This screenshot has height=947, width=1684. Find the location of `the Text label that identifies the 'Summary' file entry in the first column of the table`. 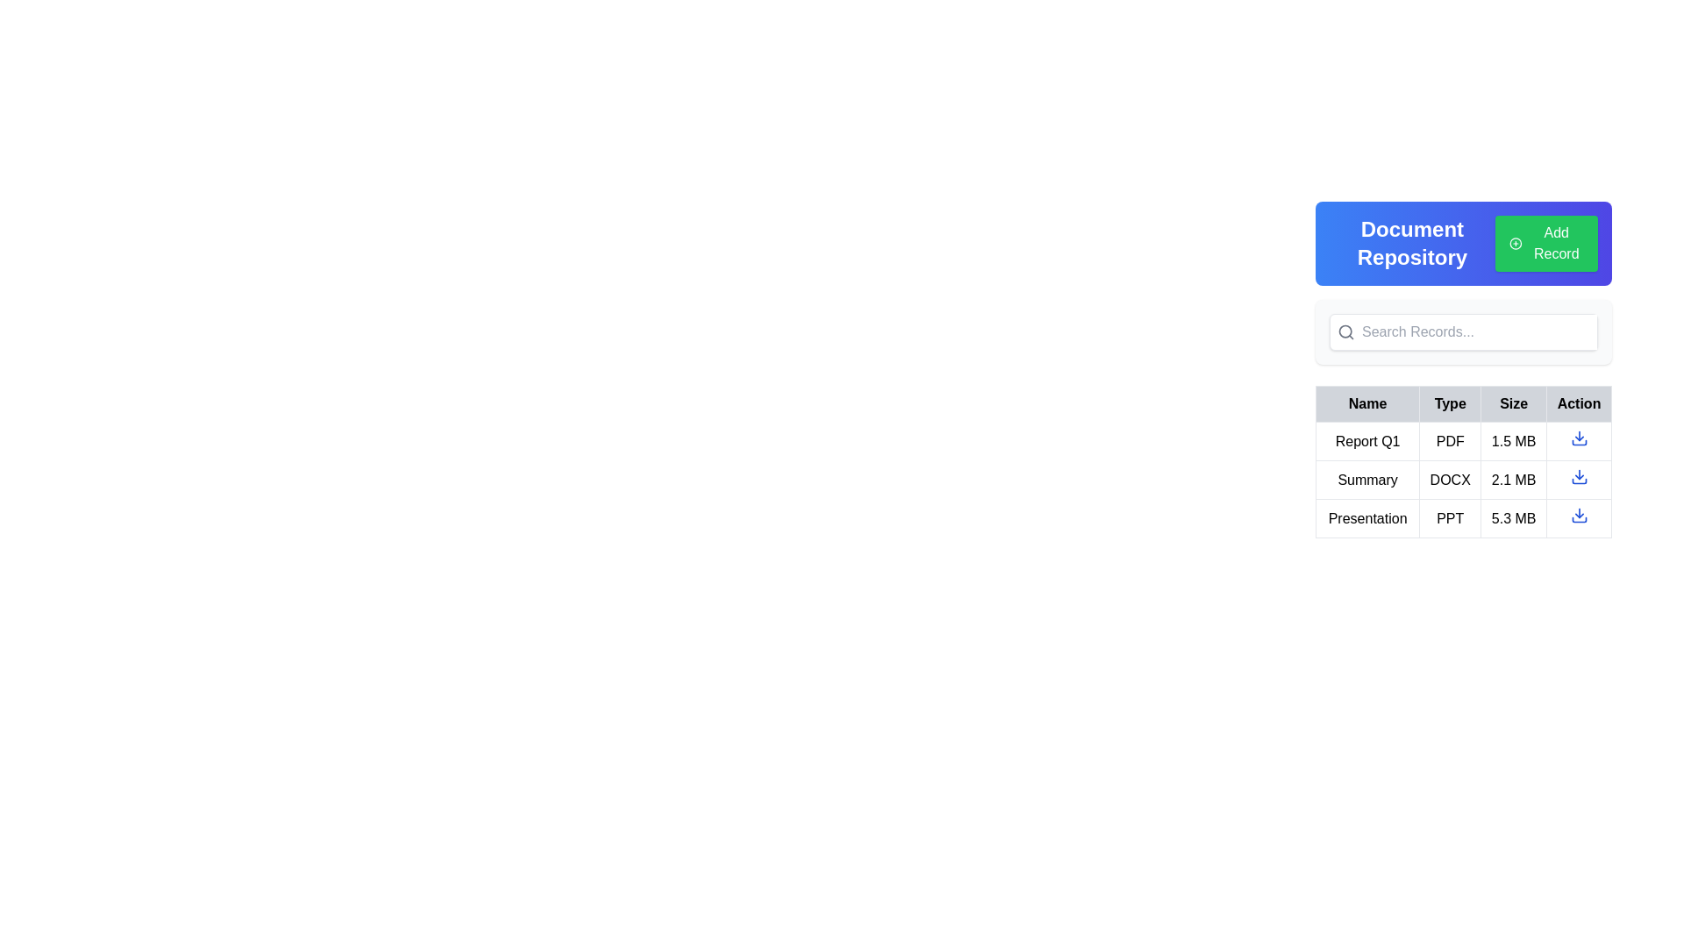

the Text label that identifies the 'Summary' file entry in the first column of the table is located at coordinates (1366, 480).